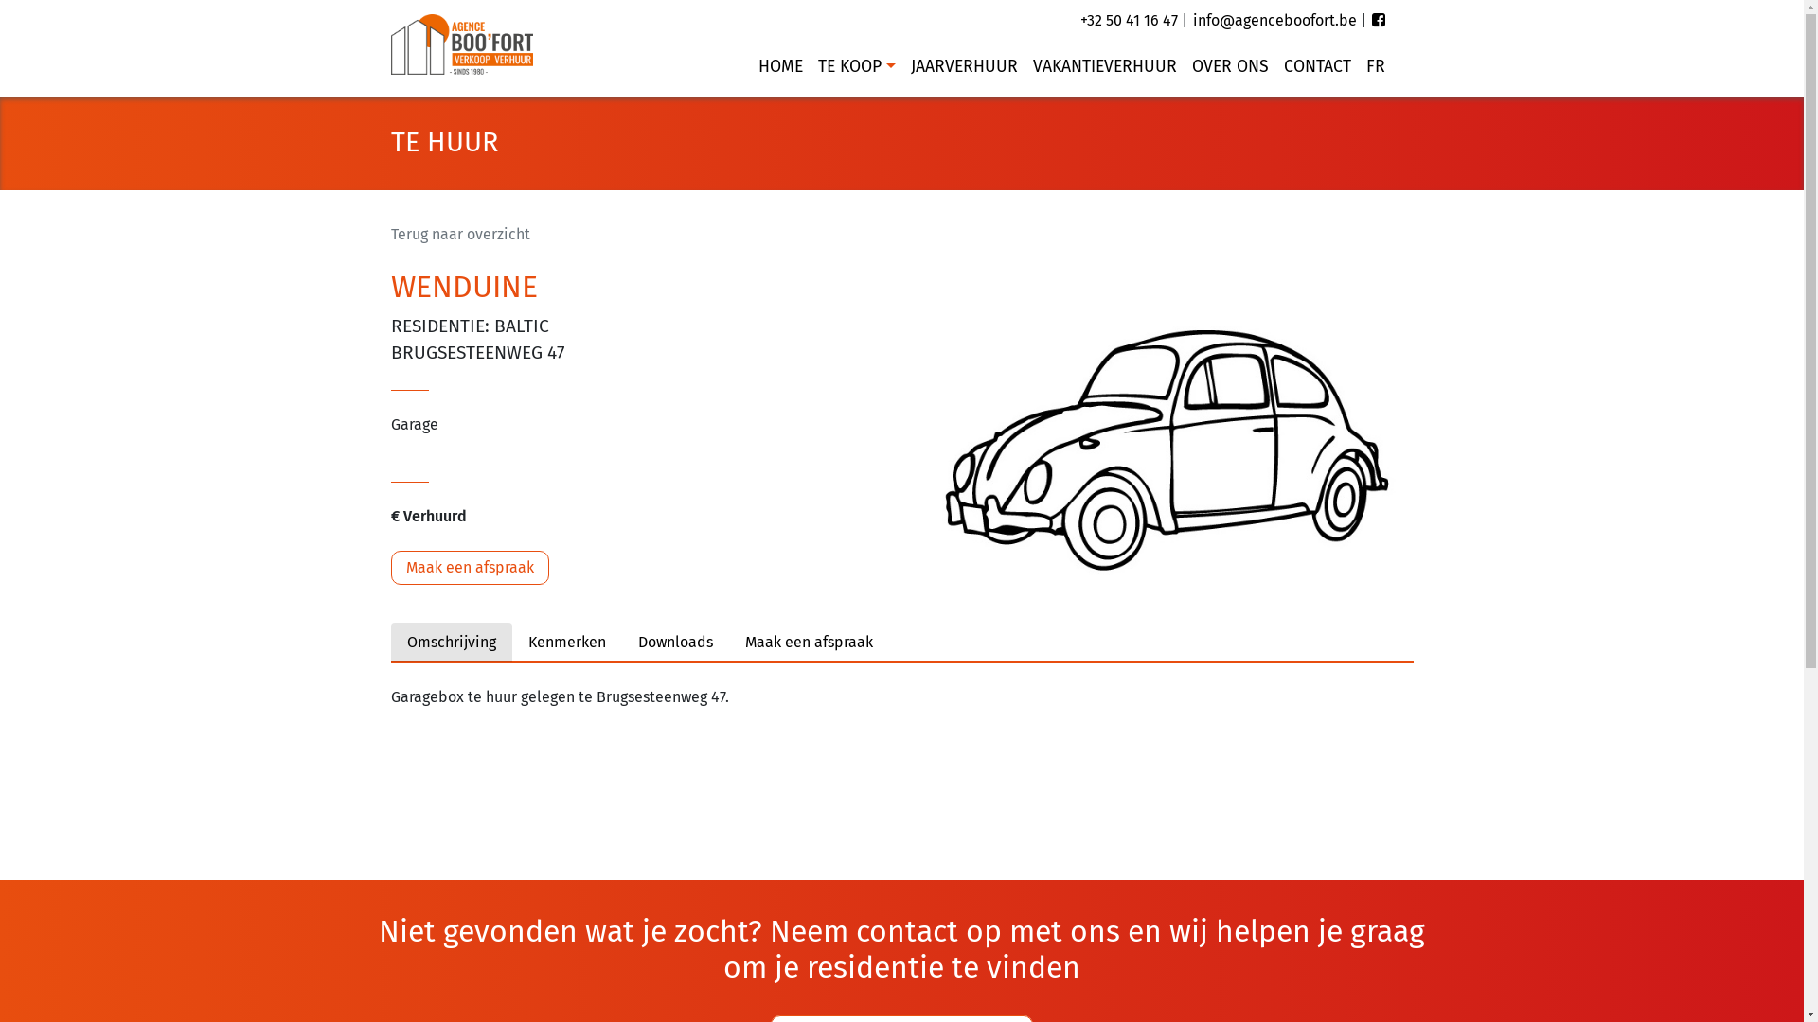 Image resolution: width=1818 pixels, height=1022 pixels. What do you see at coordinates (389, 141) in the screenshot?
I see `'TE HUUR'` at bounding box center [389, 141].